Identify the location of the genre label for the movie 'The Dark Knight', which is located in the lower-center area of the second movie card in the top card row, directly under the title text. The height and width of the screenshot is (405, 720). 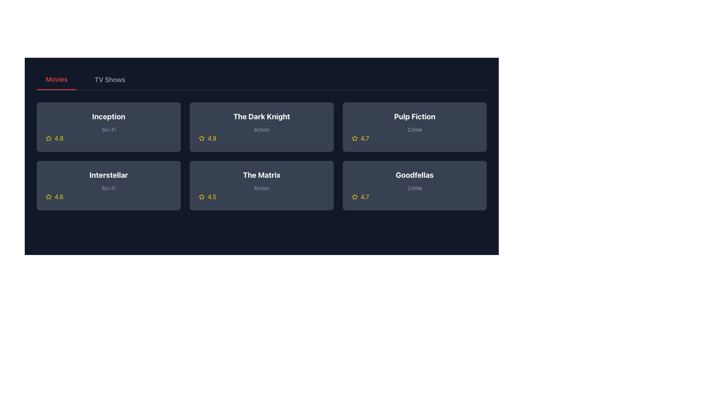
(261, 129).